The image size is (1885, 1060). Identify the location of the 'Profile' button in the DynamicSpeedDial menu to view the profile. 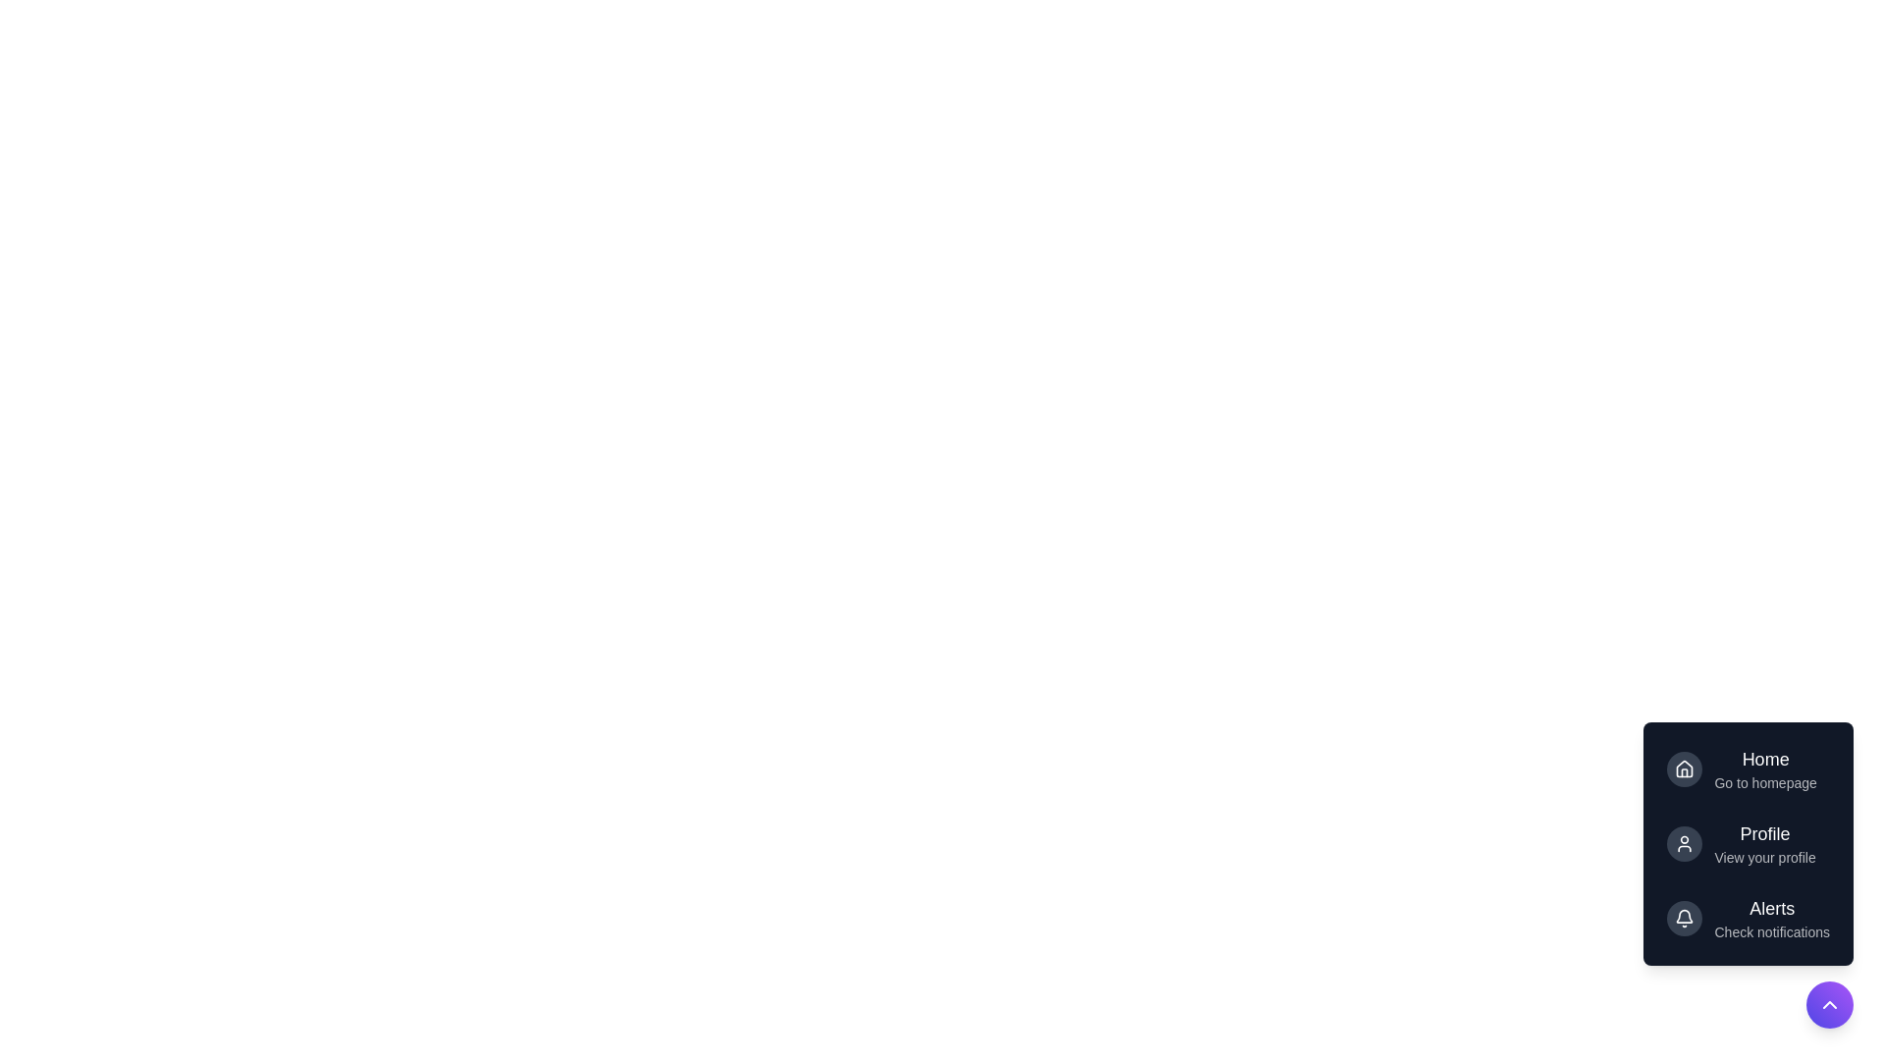
(1765, 843).